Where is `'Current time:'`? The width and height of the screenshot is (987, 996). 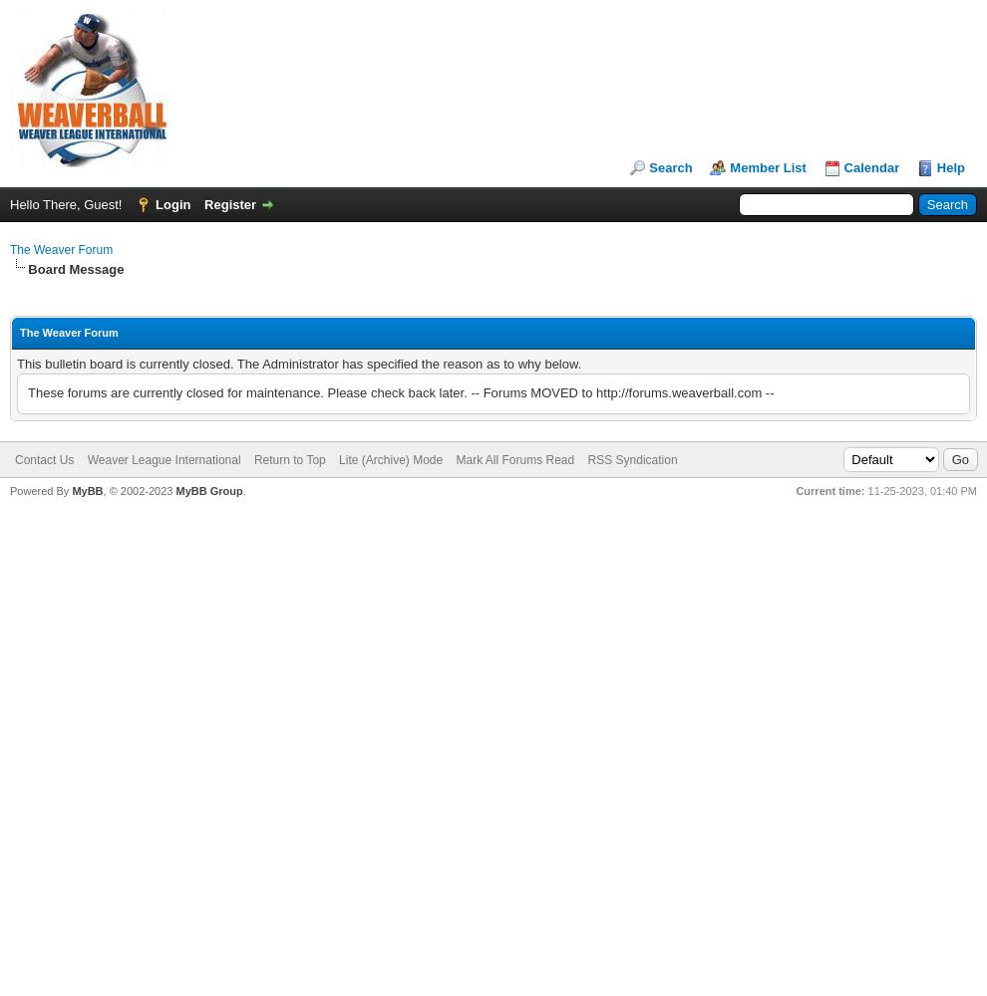
'Current time:' is located at coordinates (795, 489).